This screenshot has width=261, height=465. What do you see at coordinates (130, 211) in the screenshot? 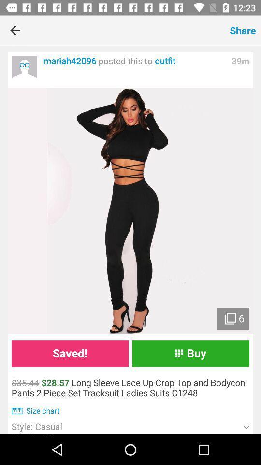
I see `more pictures` at bounding box center [130, 211].